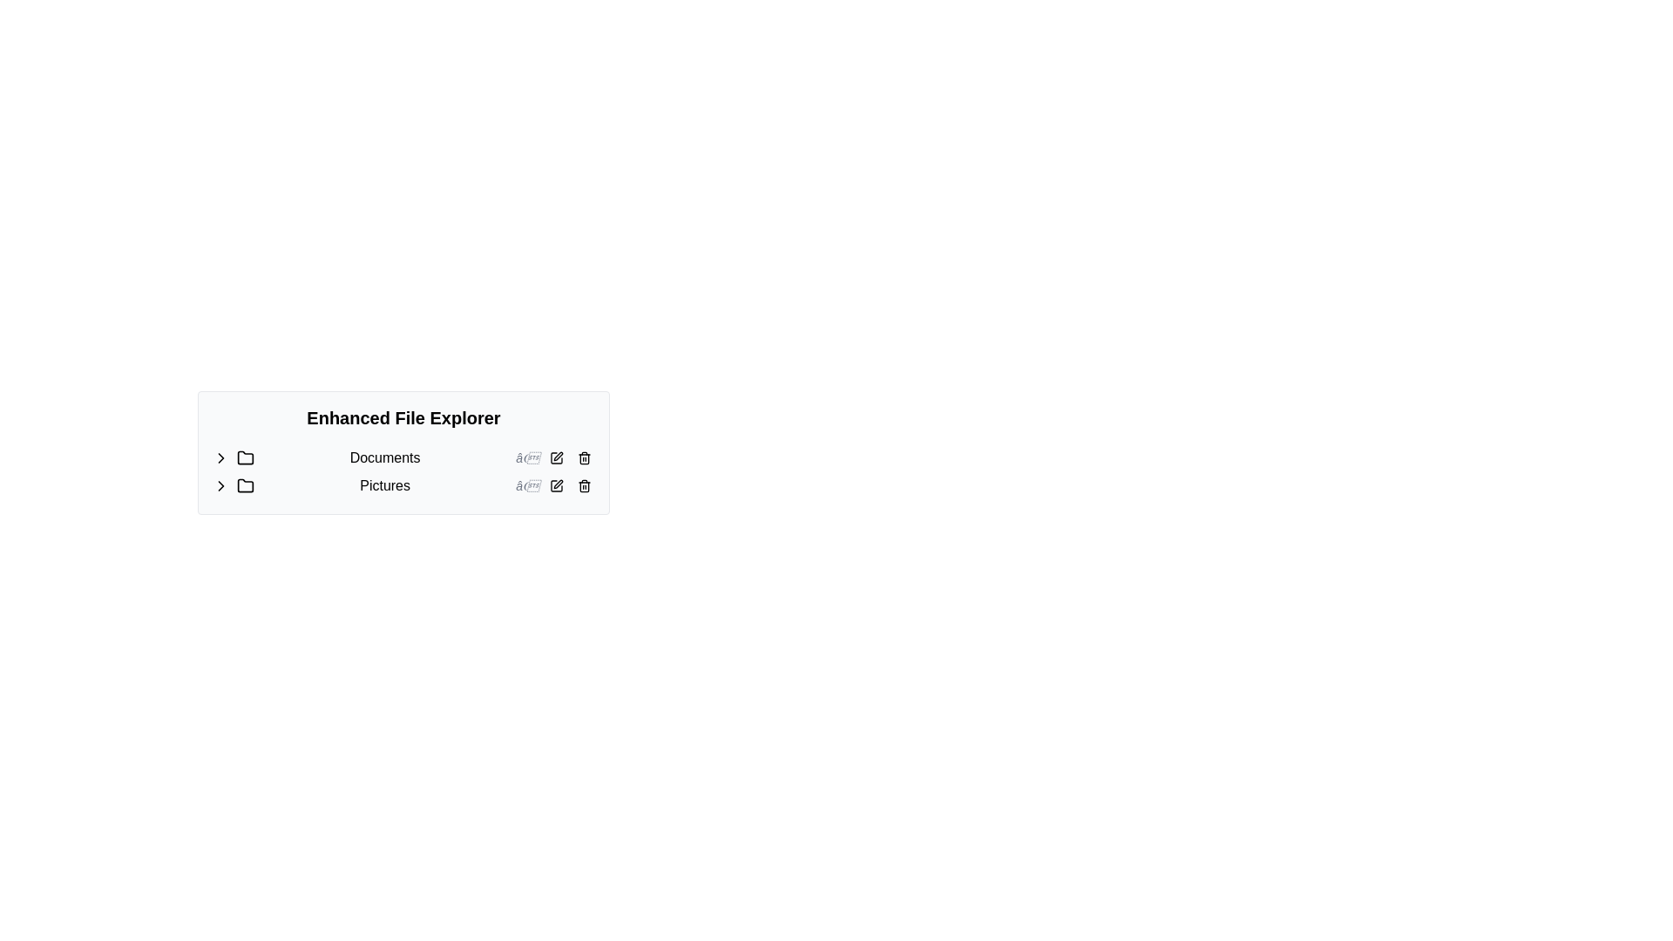 This screenshot has height=941, width=1673. Describe the element at coordinates (585, 457) in the screenshot. I see `the trash can icon` at that location.